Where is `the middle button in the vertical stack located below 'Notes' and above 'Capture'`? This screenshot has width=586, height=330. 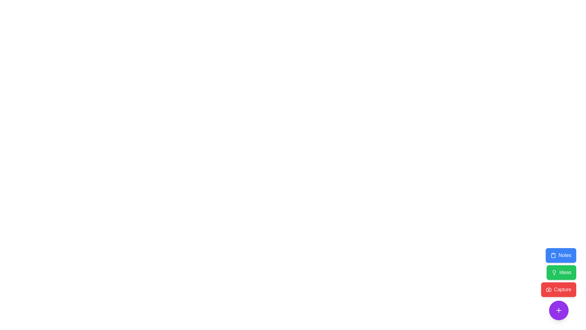
the middle button in the vertical stack located below 'Notes' and above 'Capture' is located at coordinates (561, 272).